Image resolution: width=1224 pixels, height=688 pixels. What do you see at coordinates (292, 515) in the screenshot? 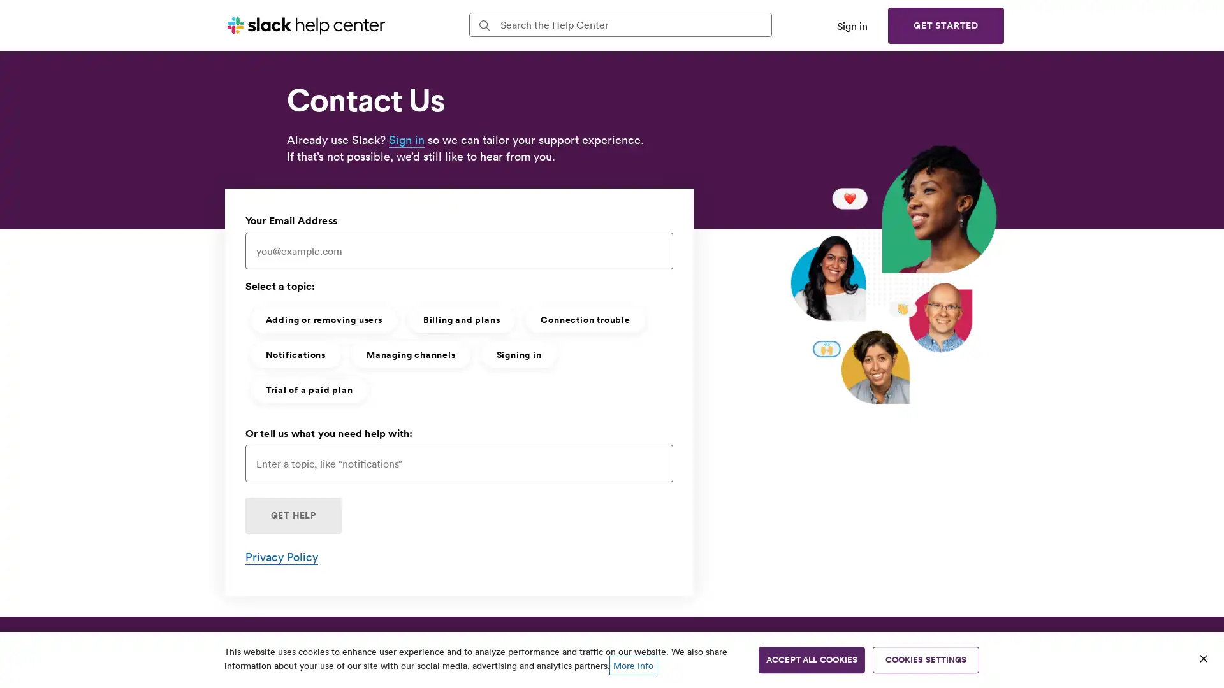
I see `GET HELP` at bounding box center [292, 515].